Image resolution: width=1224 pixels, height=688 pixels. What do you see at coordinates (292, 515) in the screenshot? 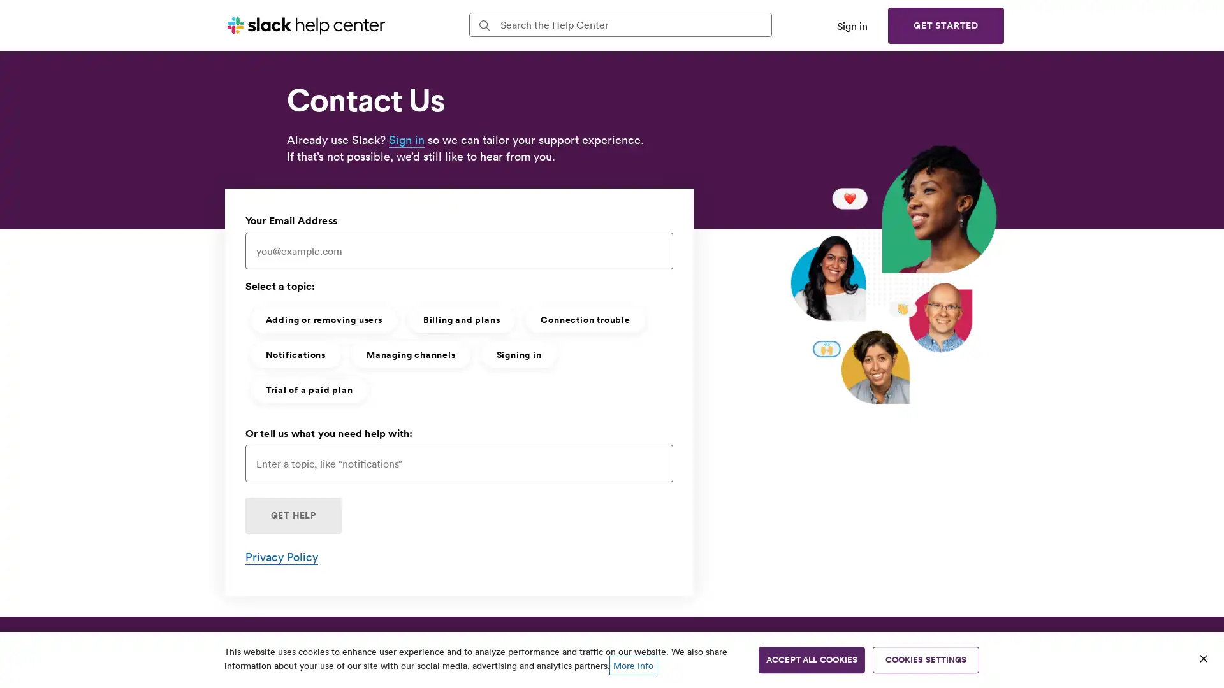
I see `GET HELP` at bounding box center [292, 515].